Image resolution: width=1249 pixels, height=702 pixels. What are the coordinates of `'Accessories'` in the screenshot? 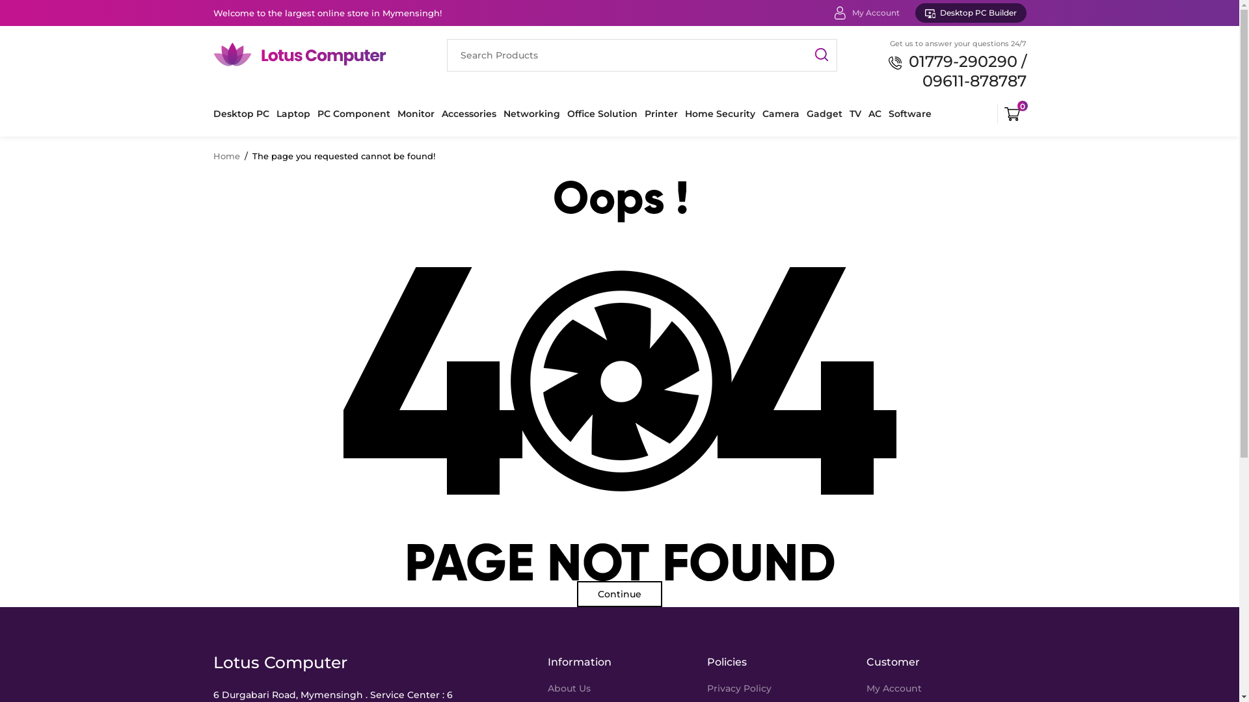 It's located at (468, 112).